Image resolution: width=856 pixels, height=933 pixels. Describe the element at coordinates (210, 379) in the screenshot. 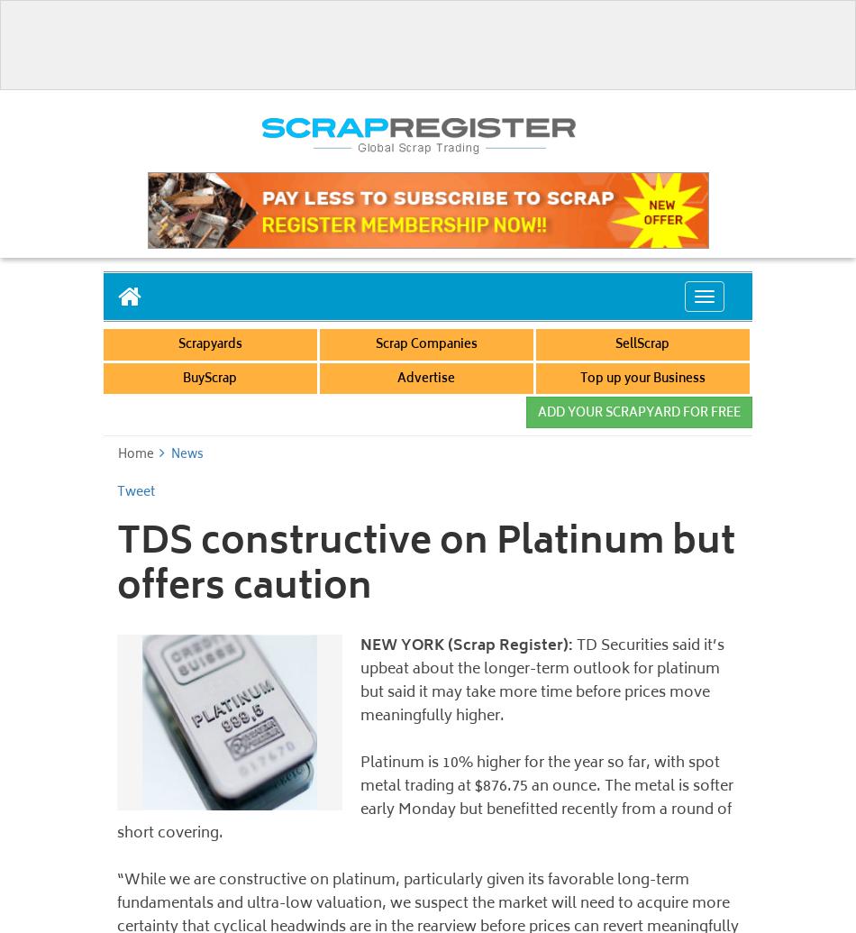

I see `'BuyScrap'` at that location.